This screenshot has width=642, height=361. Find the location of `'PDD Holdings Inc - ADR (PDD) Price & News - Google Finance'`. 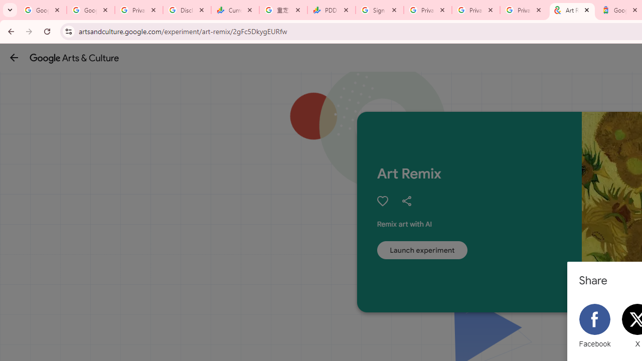

'PDD Holdings Inc - ADR (PDD) Price & News - Google Finance' is located at coordinates (332, 10).